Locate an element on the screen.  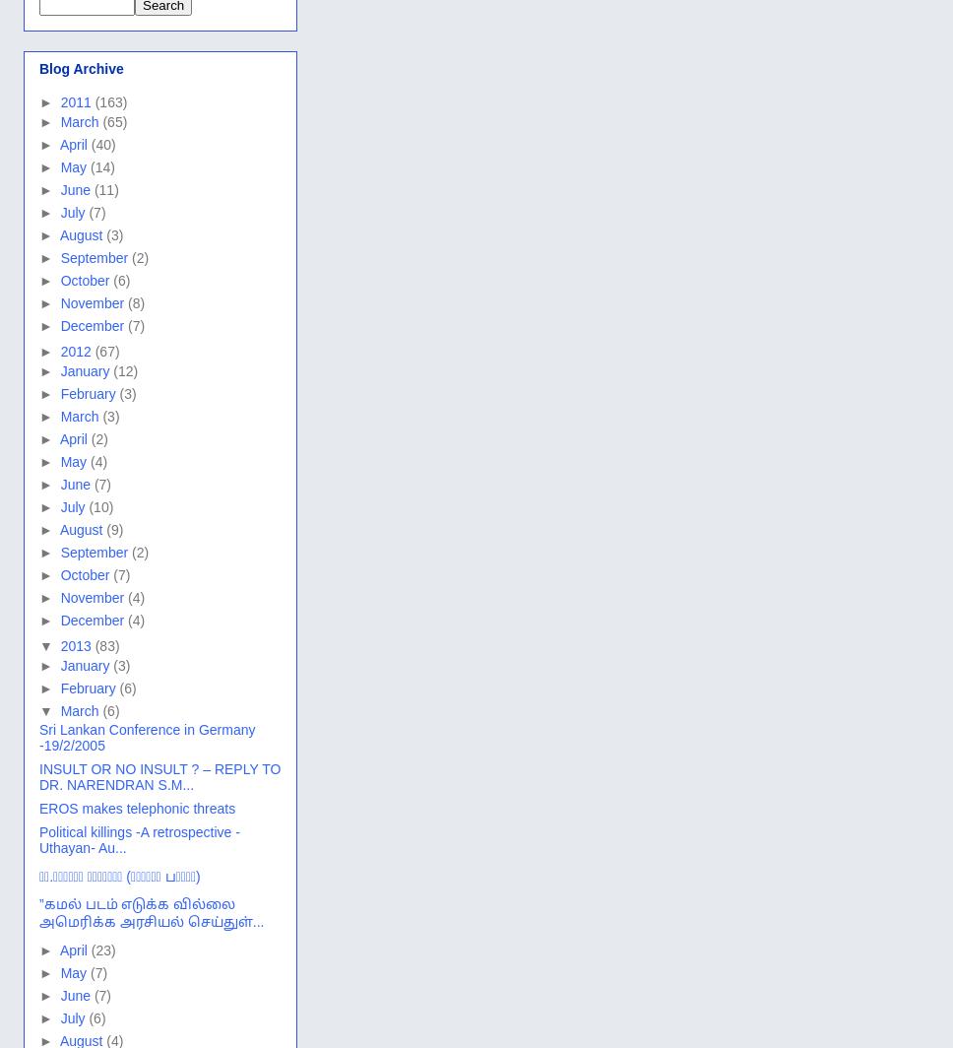
'”கமல் படம் எடுக்க வில்லை அமெரிக்க அரசியல் செய்துள்...' is located at coordinates (151, 912).